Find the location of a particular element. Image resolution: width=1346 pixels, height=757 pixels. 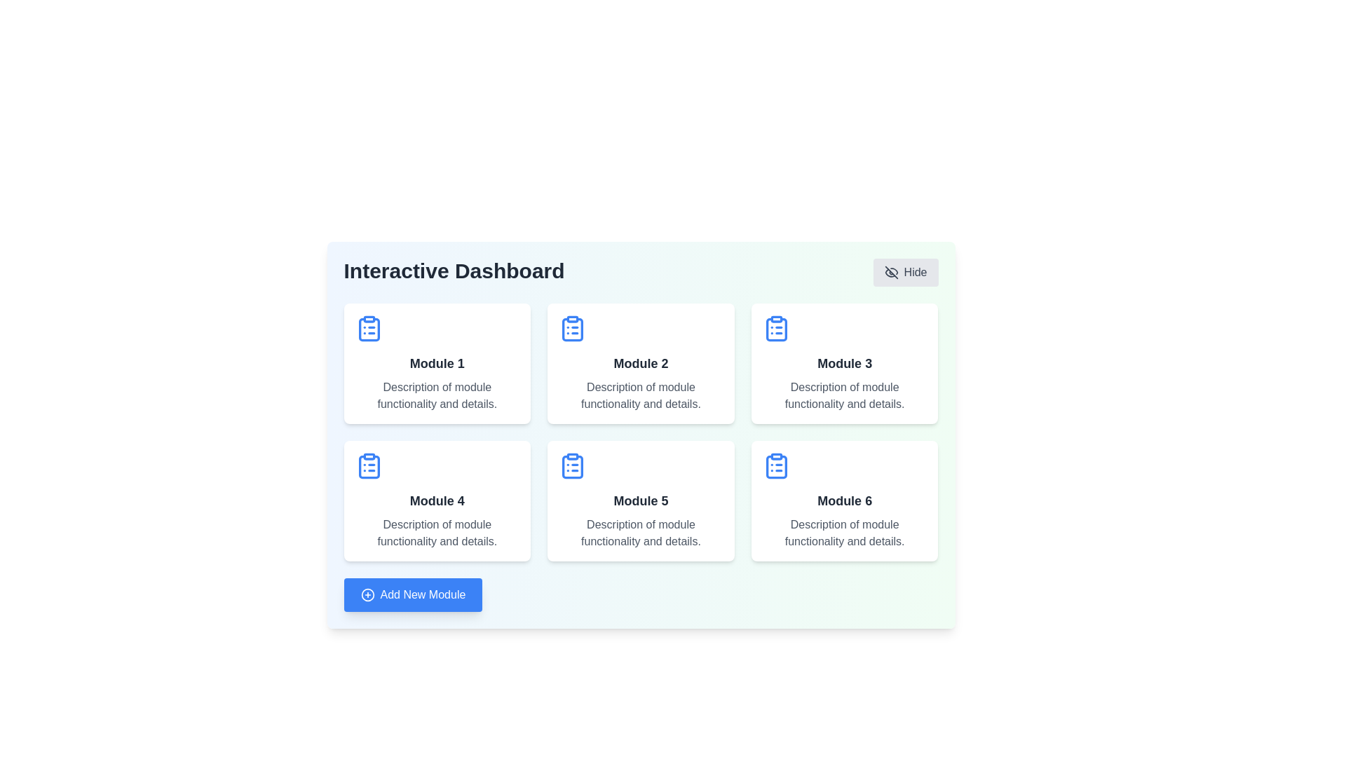

the 'Hide' button located in the top-right corner of the 'Interactive Dashboard' section is located at coordinates (905, 273).